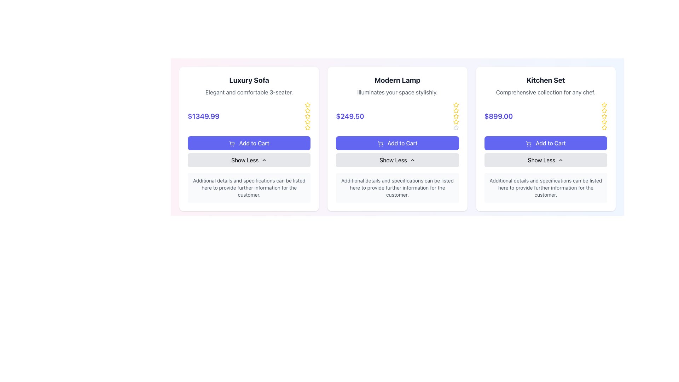 The width and height of the screenshot is (679, 382). I want to click on the second yellow star icon in the rating group for the 'Kitchen Set' product card, located in the rightmost column of the item grid, so click(604, 121).